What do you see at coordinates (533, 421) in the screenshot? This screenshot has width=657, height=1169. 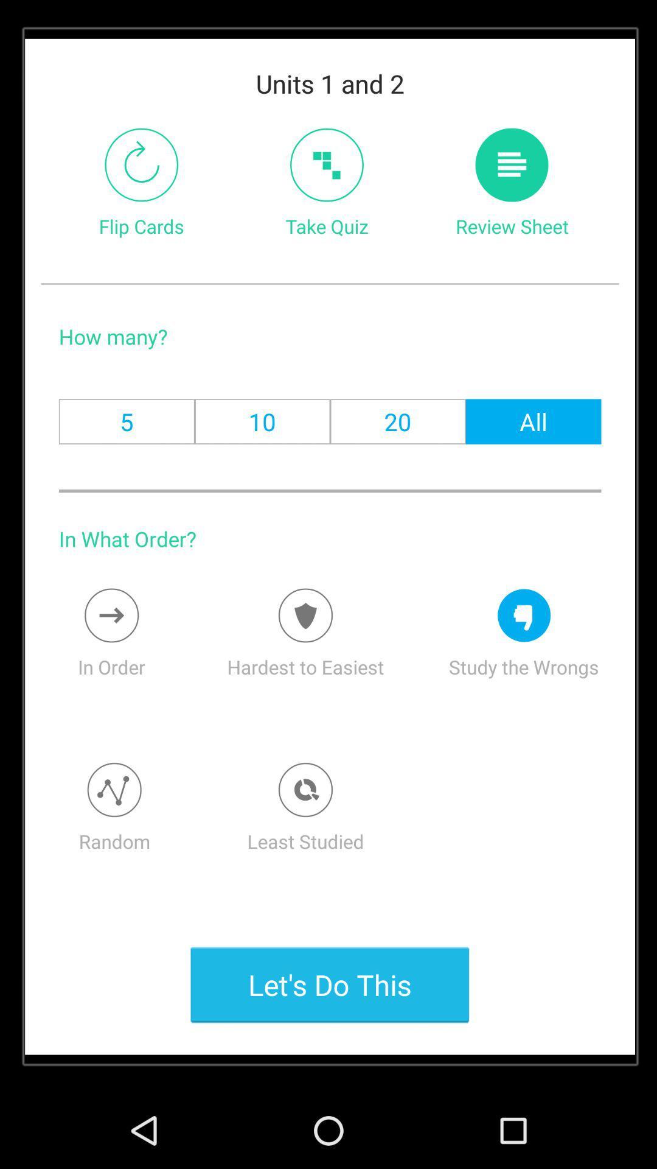 I see `item to the right of the 20 item` at bounding box center [533, 421].